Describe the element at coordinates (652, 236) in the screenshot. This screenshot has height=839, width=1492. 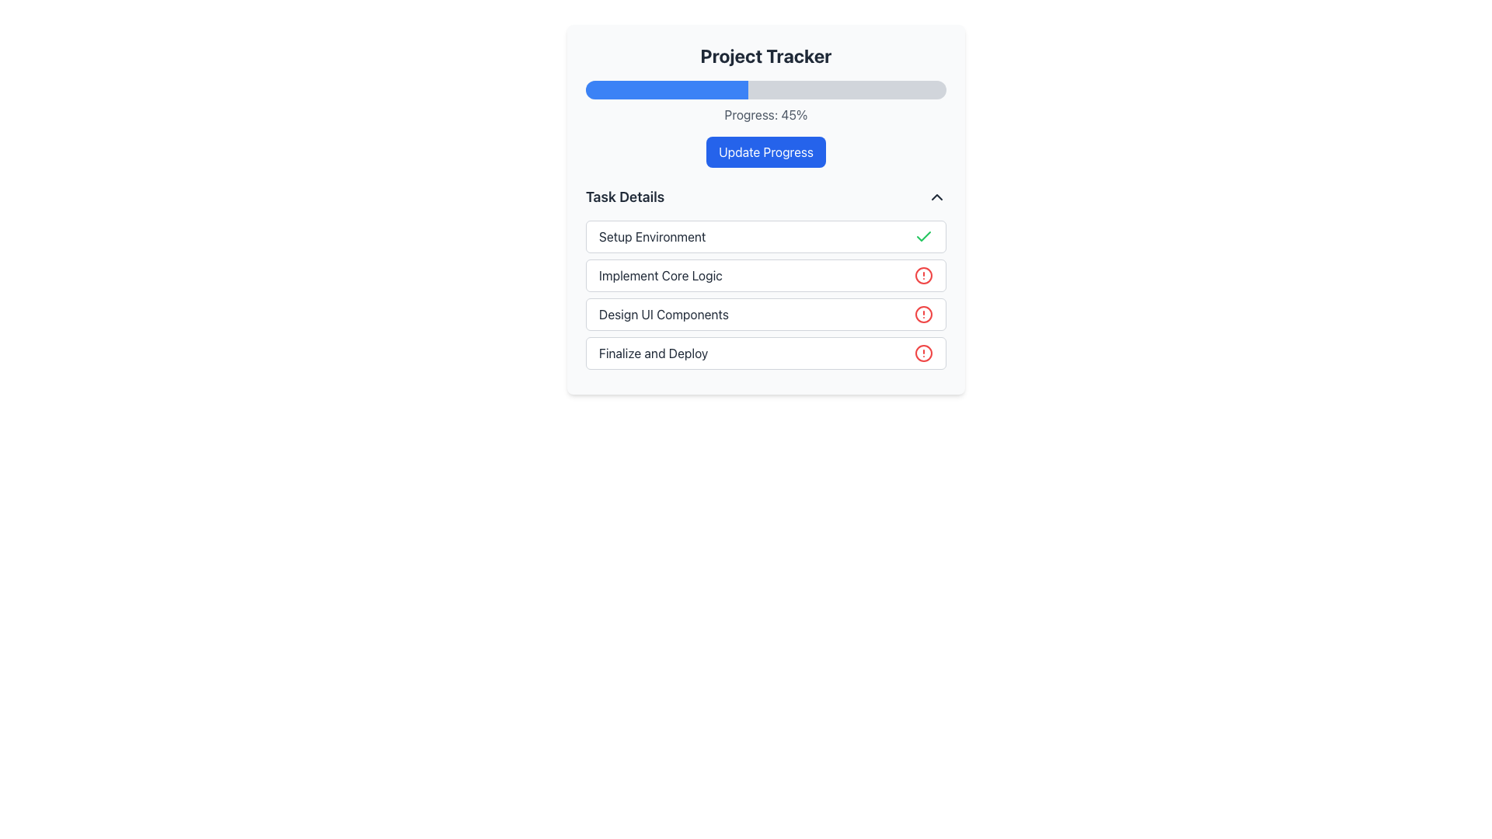
I see `the text label that displays 'Setup Environment' in dark gray, located in the first row of the task list under 'Task Details'` at that location.